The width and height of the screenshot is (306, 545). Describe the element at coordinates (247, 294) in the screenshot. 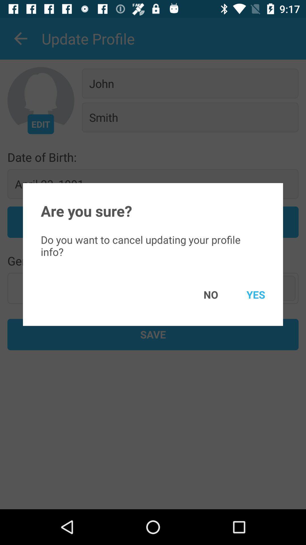

I see `yes item` at that location.